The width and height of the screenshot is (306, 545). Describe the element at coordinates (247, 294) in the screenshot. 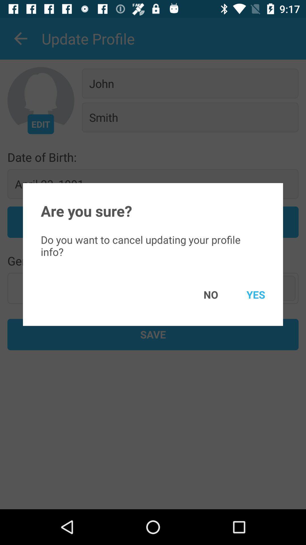

I see `yes item` at that location.